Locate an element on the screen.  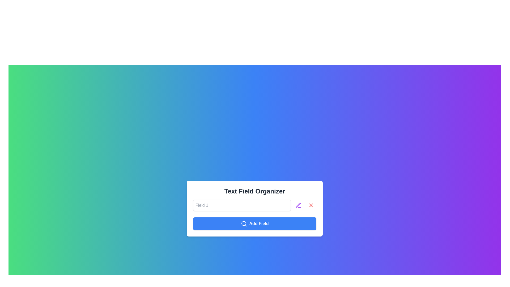
the dismiss or delete icon button located near the top right of the text field labeled 'Field 1' is located at coordinates (311, 205).